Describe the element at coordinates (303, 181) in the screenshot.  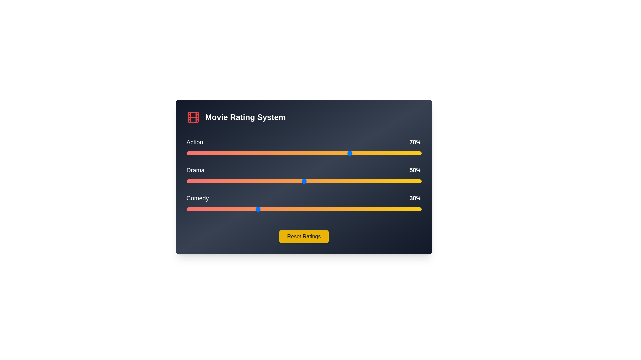
I see `the Drama slider` at that location.